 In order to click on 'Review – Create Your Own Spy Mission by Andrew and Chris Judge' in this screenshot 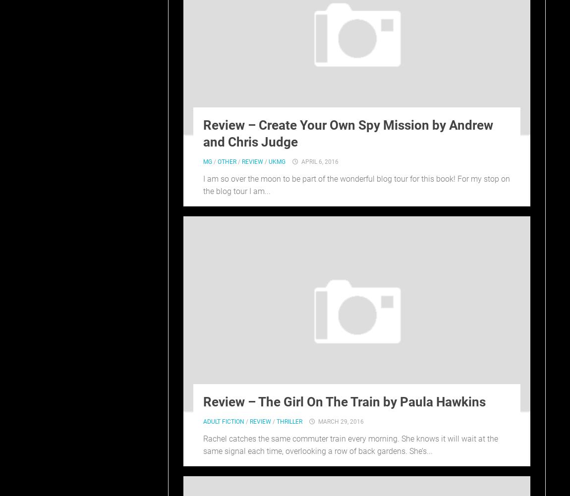, I will do `click(347, 133)`.